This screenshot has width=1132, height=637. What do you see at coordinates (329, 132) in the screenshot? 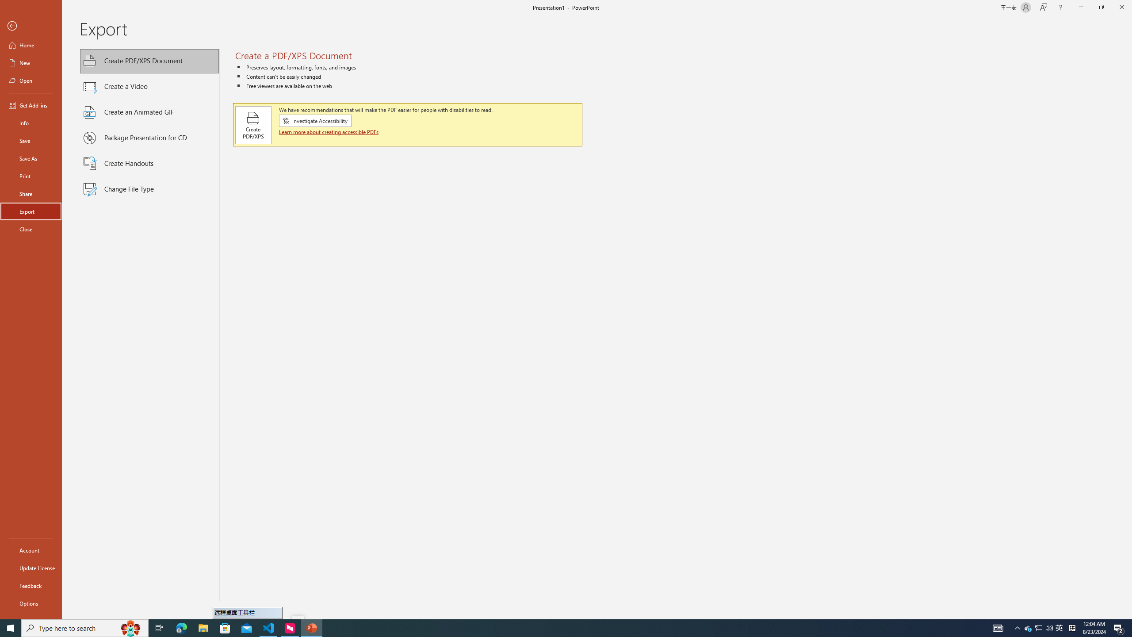
I see `'Learn more about creating accessible PDFs'` at bounding box center [329, 132].